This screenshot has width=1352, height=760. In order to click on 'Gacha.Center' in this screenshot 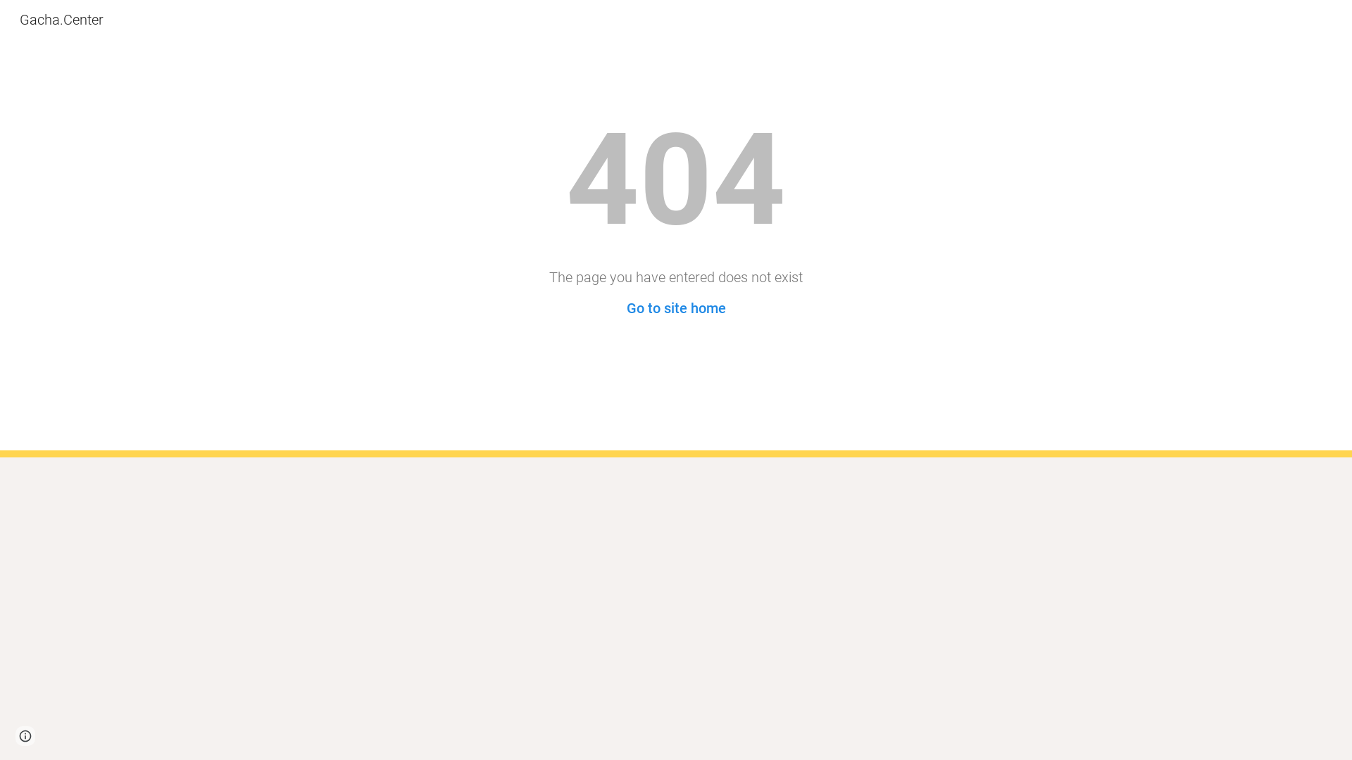, I will do `click(61, 18)`.